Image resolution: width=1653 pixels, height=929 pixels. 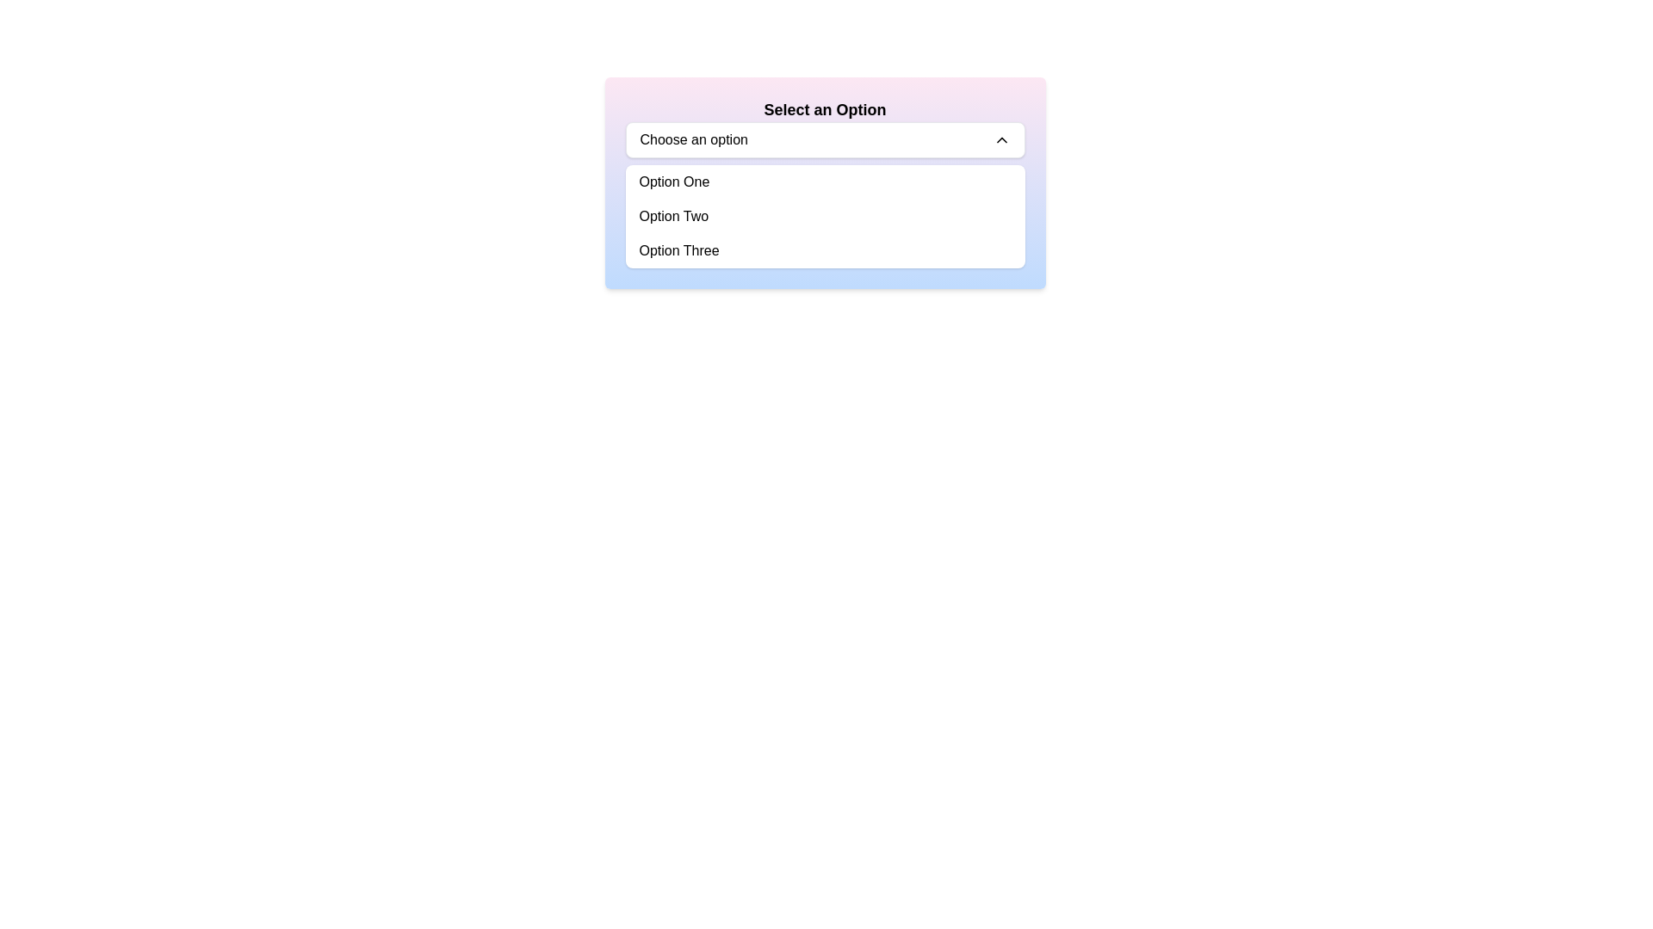 What do you see at coordinates (673, 182) in the screenshot?
I see `the first item 'Option One' in the dropdown menu` at bounding box center [673, 182].